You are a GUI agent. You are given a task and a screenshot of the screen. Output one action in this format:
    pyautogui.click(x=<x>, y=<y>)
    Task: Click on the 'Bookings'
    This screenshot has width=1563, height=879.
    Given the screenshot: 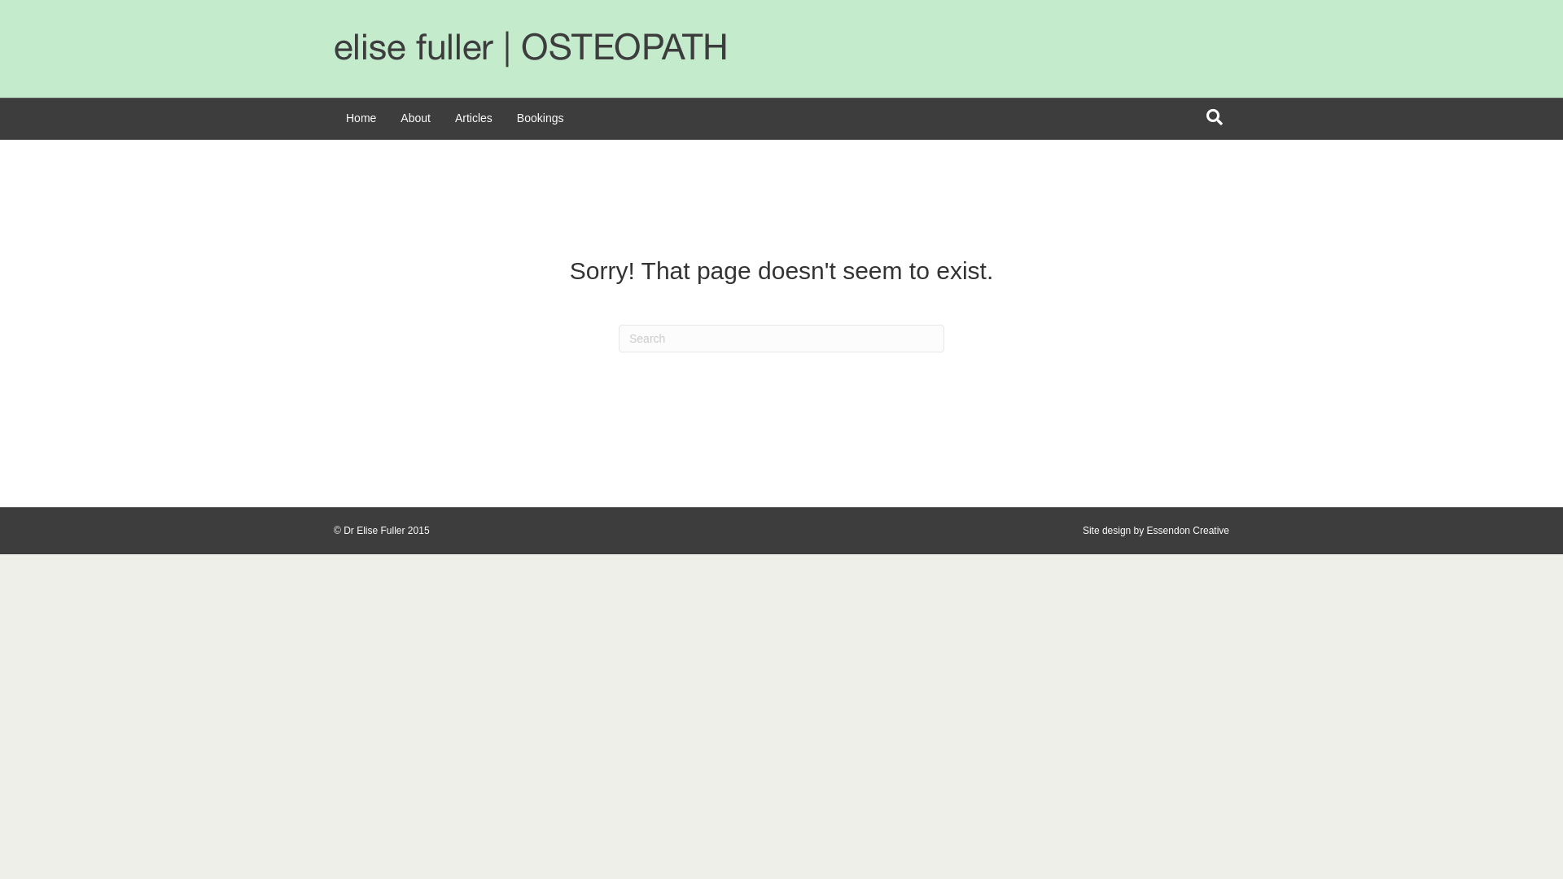 What is the action you would take?
    pyautogui.click(x=540, y=118)
    